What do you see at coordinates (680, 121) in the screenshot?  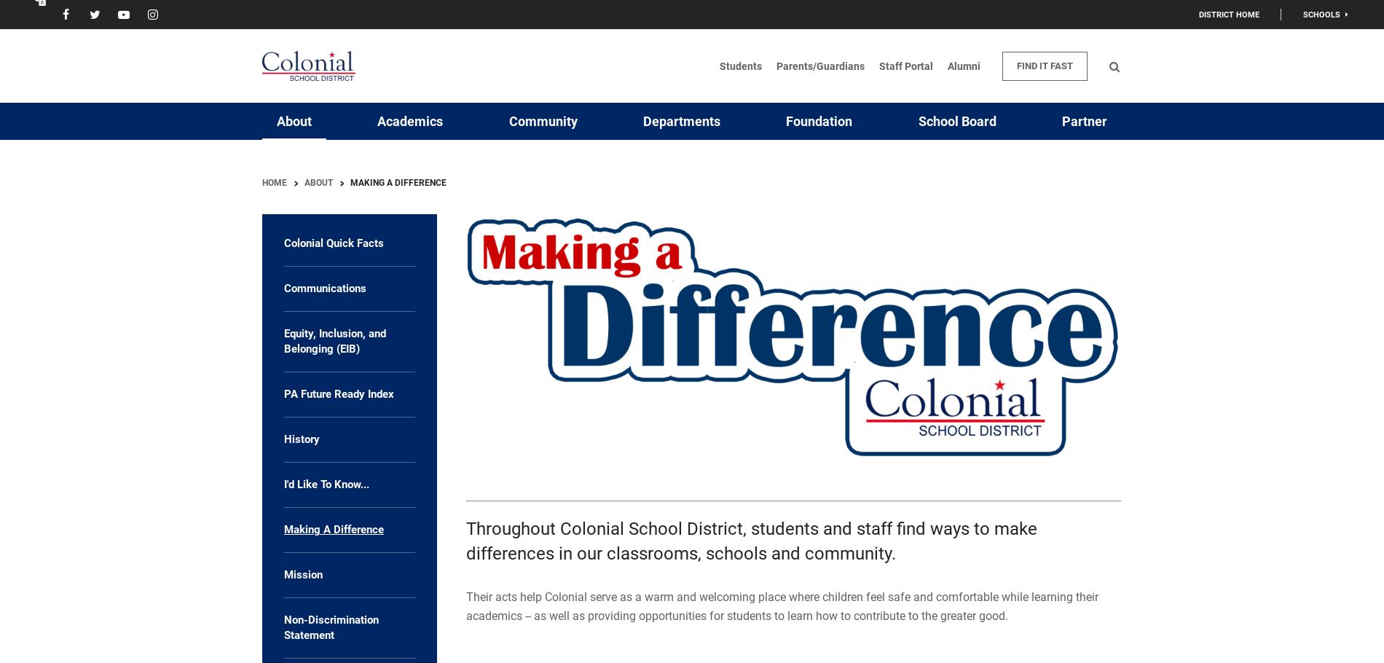 I see `'Departments'` at bounding box center [680, 121].